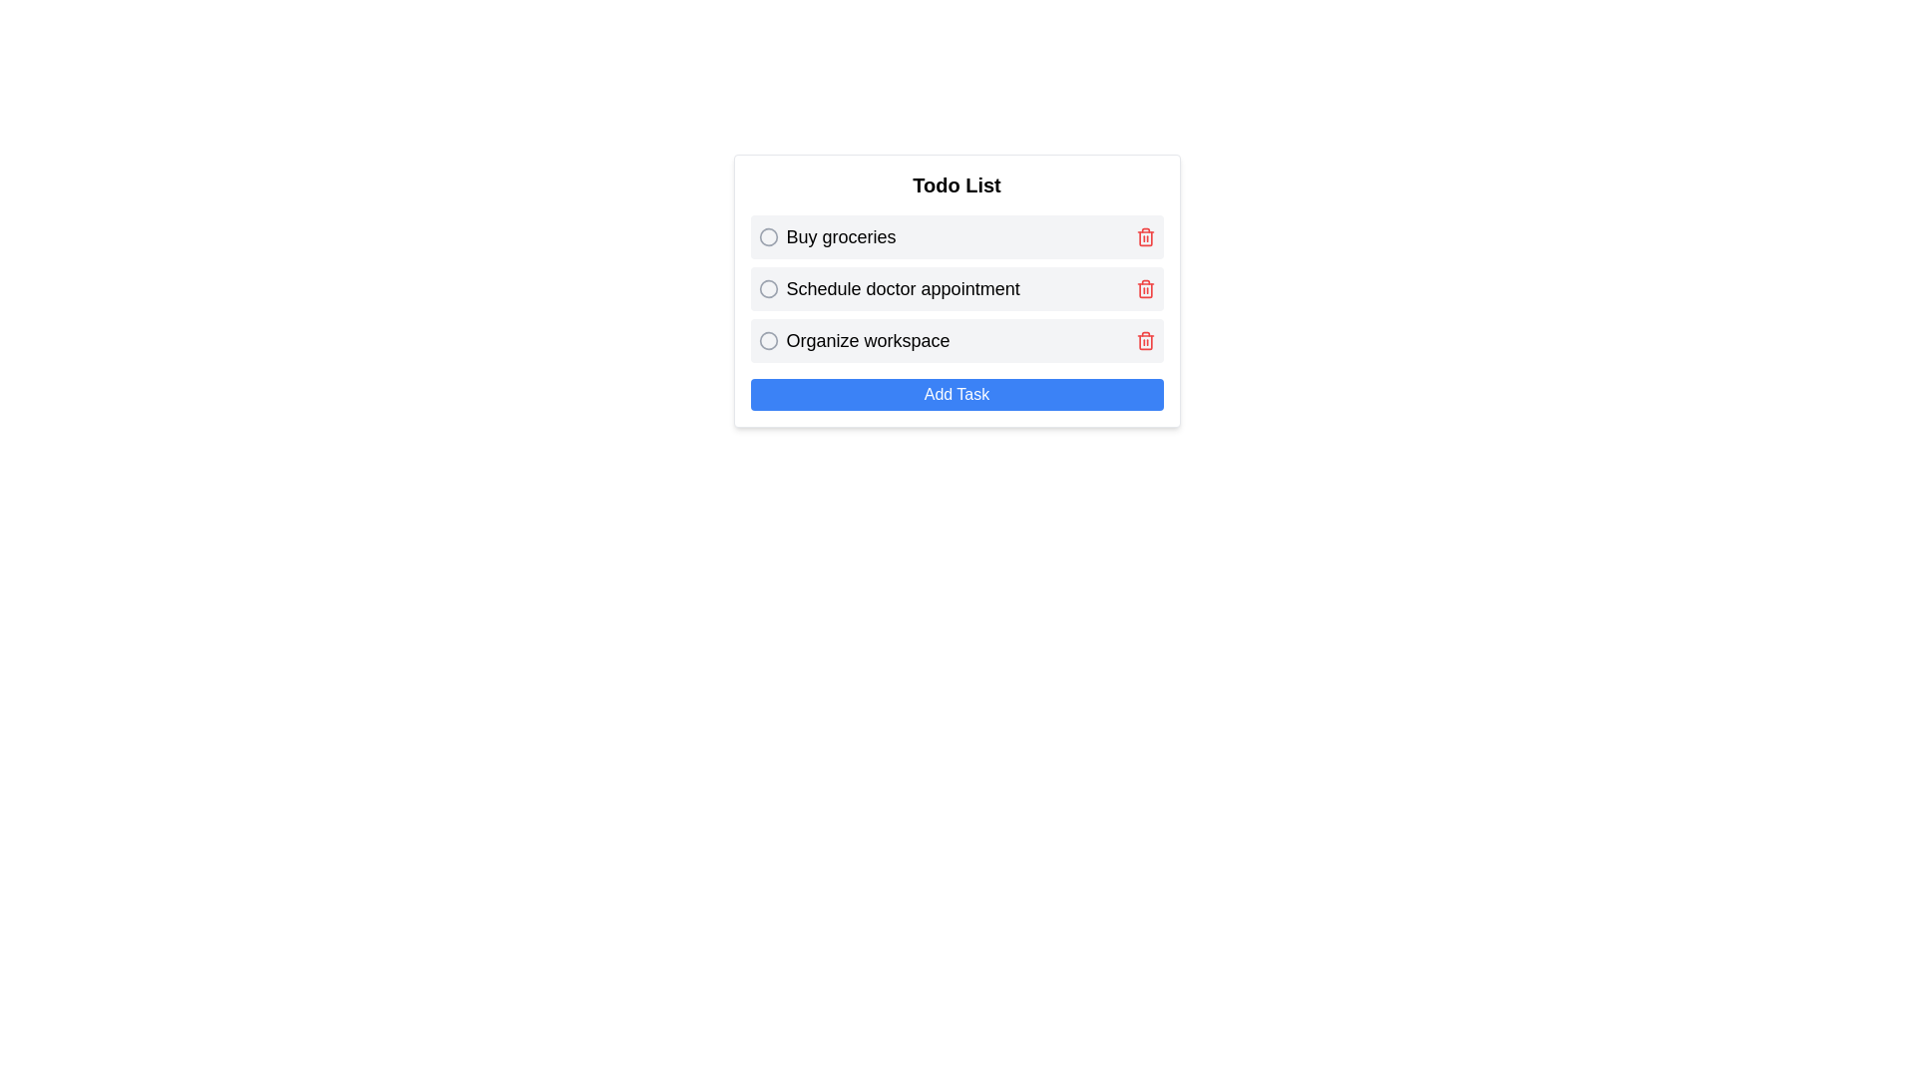 This screenshot has height=1077, width=1915. I want to click on to select or toggle the checkbox for the task 'Schedule doctor appointment' in the 'Todo List.', so click(767, 288).